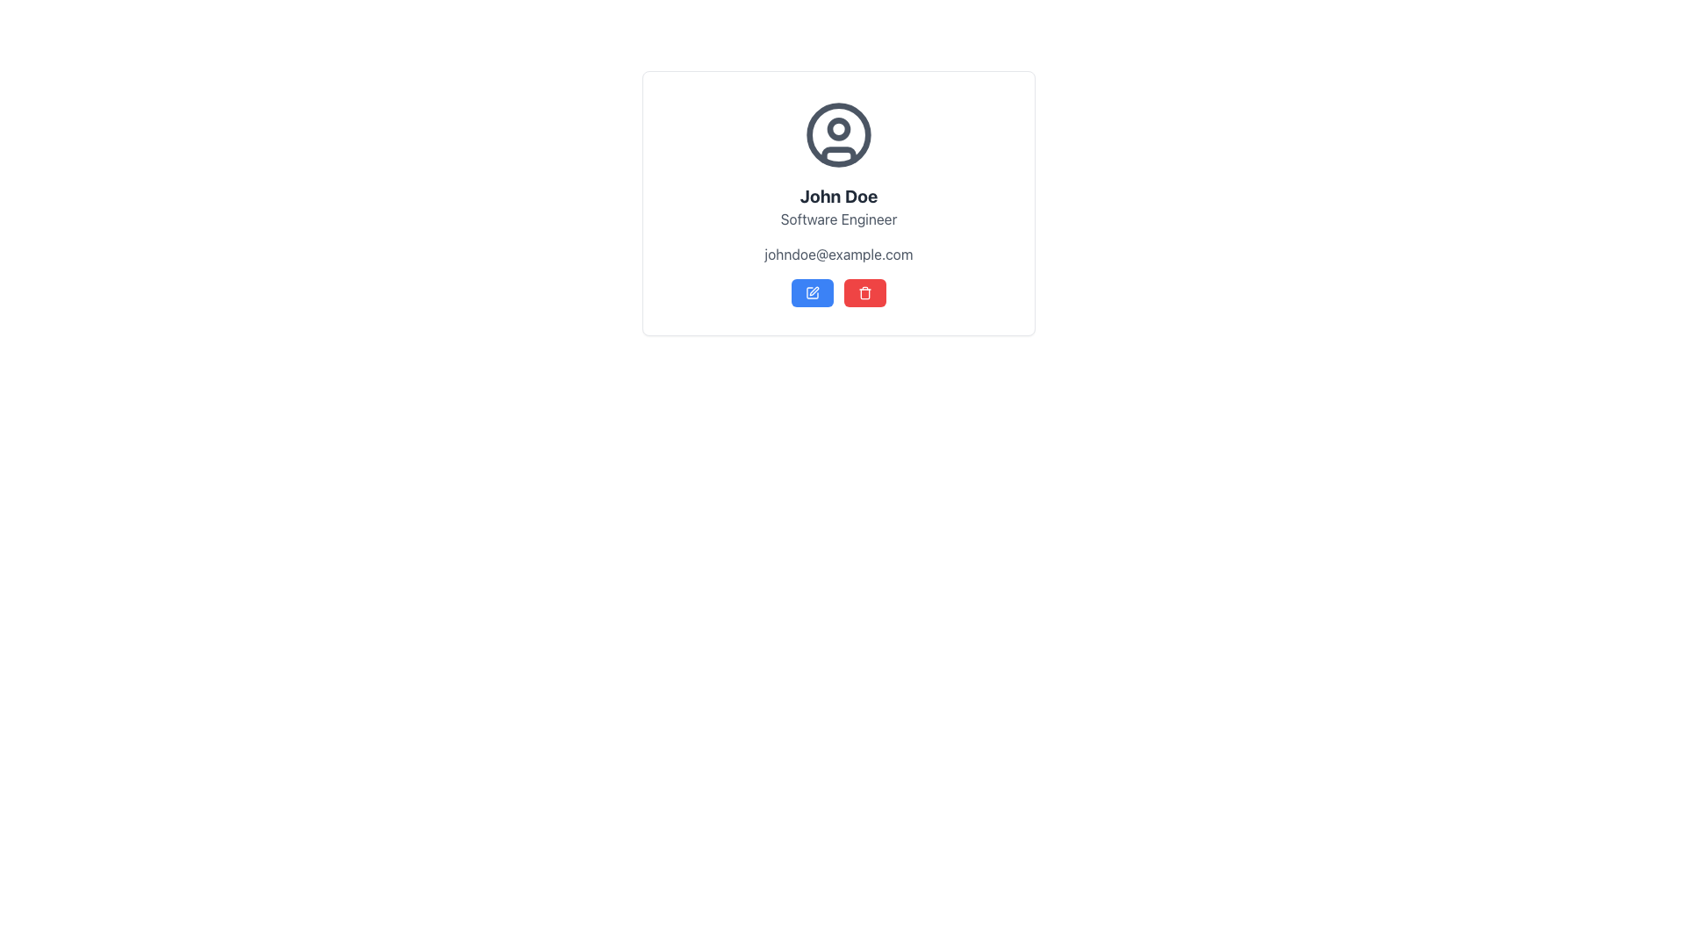  I want to click on the text label displaying 'John Doe', which is styled with a bold font and larger size, located centrally within the card layout, so click(837, 196).